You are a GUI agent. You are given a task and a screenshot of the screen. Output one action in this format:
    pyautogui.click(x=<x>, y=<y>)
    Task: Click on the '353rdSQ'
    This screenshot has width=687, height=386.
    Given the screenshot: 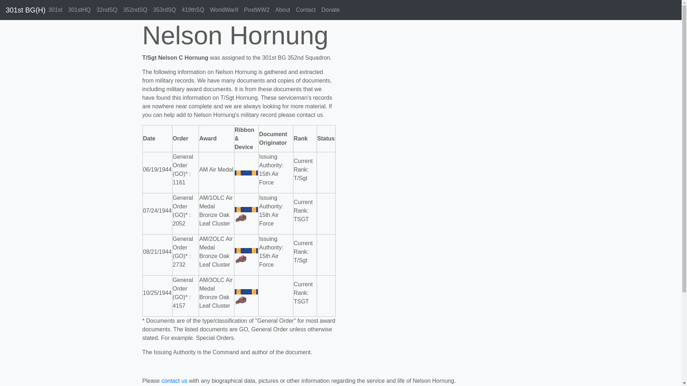 What is the action you would take?
    pyautogui.click(x=164, y=10)
    